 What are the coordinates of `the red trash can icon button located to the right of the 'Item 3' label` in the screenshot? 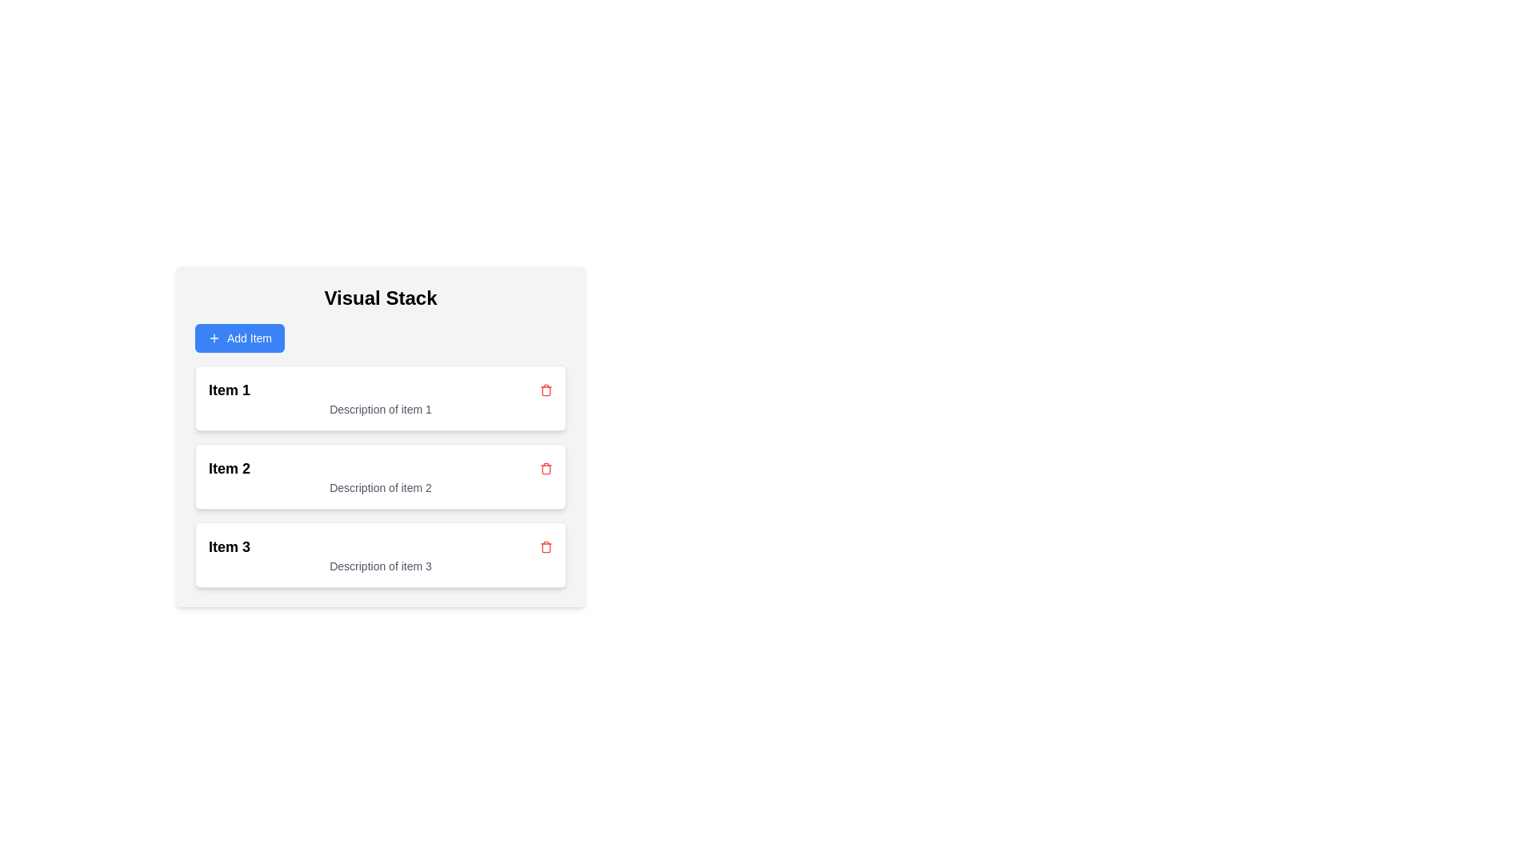 It's located at (546, 546).